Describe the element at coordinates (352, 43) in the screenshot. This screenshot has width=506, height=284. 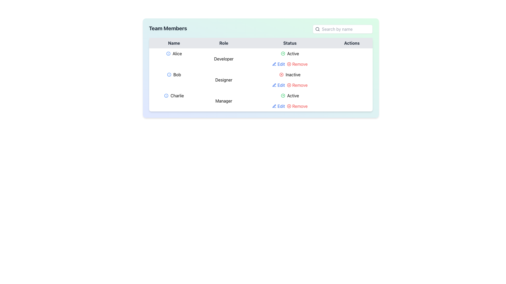
I see `the 'Actions' header text label, which is the fourth and rightmost item in the horizontal header row of the user information table` at that location.